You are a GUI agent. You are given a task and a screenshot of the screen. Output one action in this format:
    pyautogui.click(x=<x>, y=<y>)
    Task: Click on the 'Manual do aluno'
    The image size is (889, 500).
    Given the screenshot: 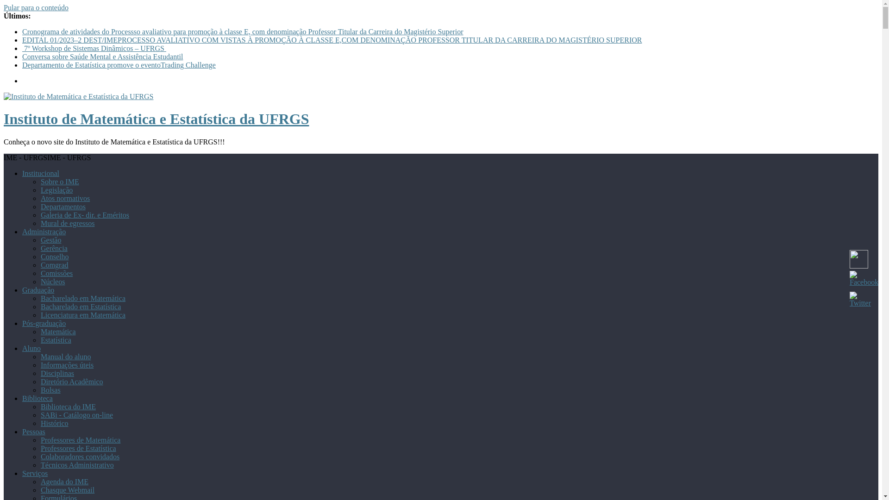 What is the action you would take?
    pyautogui.click(x=65, y=356)
    